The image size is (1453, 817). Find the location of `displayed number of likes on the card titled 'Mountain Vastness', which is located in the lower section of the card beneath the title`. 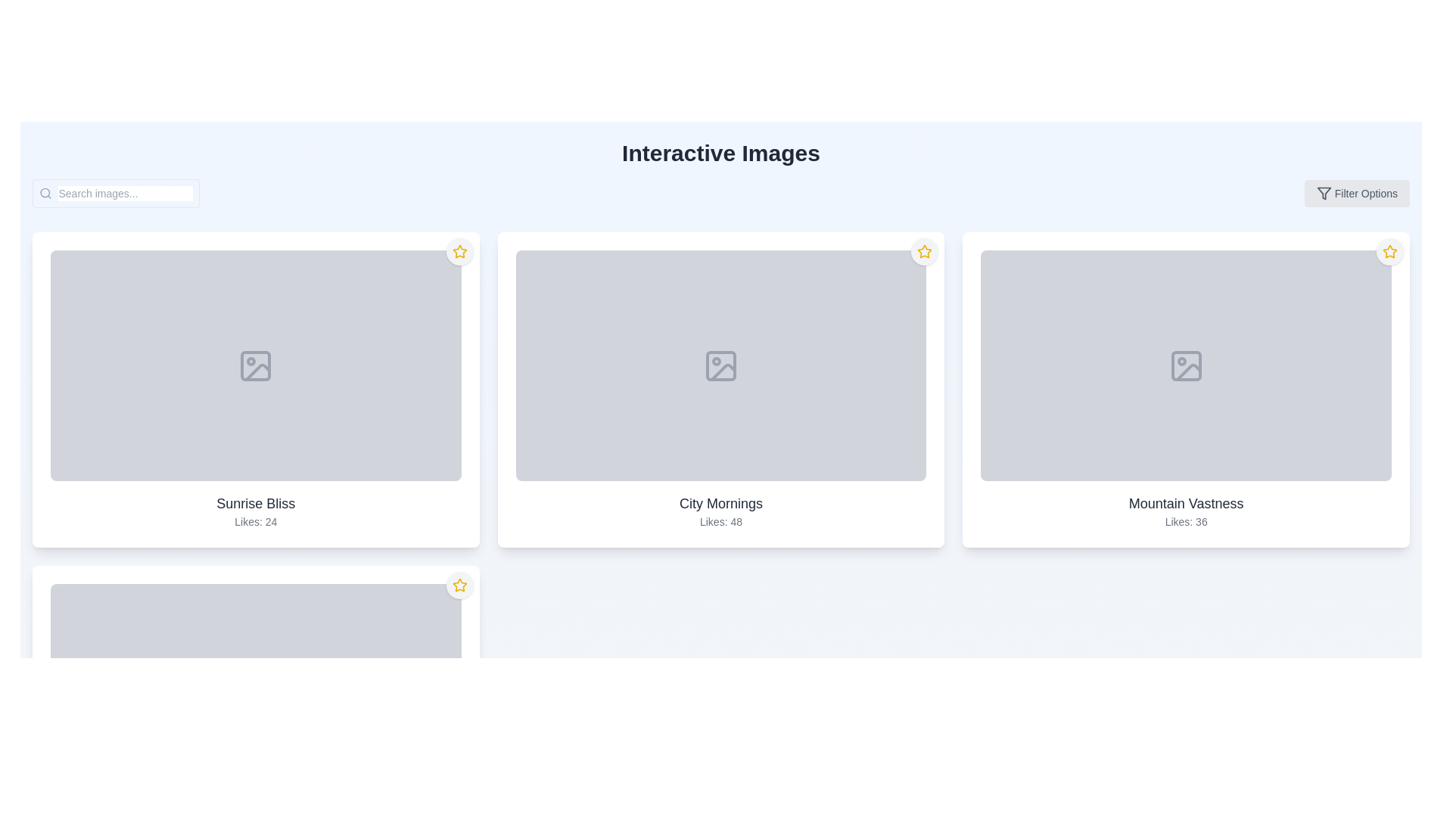

displayed number of likes on the card titled 'Mountain Vastness', which is located in the lower section of the card beneath the title is located at coordinates (1185, 521).